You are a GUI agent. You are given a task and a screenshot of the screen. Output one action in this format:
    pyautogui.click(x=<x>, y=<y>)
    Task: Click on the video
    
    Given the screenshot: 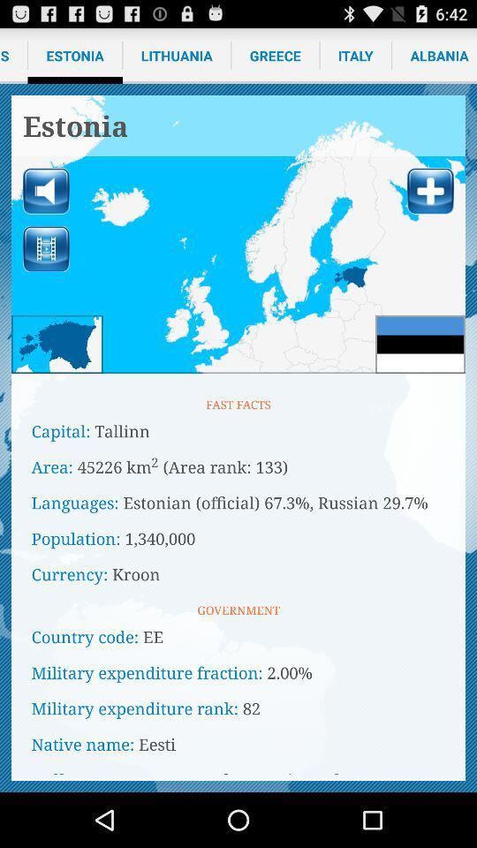 What is the action you would take?
    pyautogui.click(x=46, y=248)
    